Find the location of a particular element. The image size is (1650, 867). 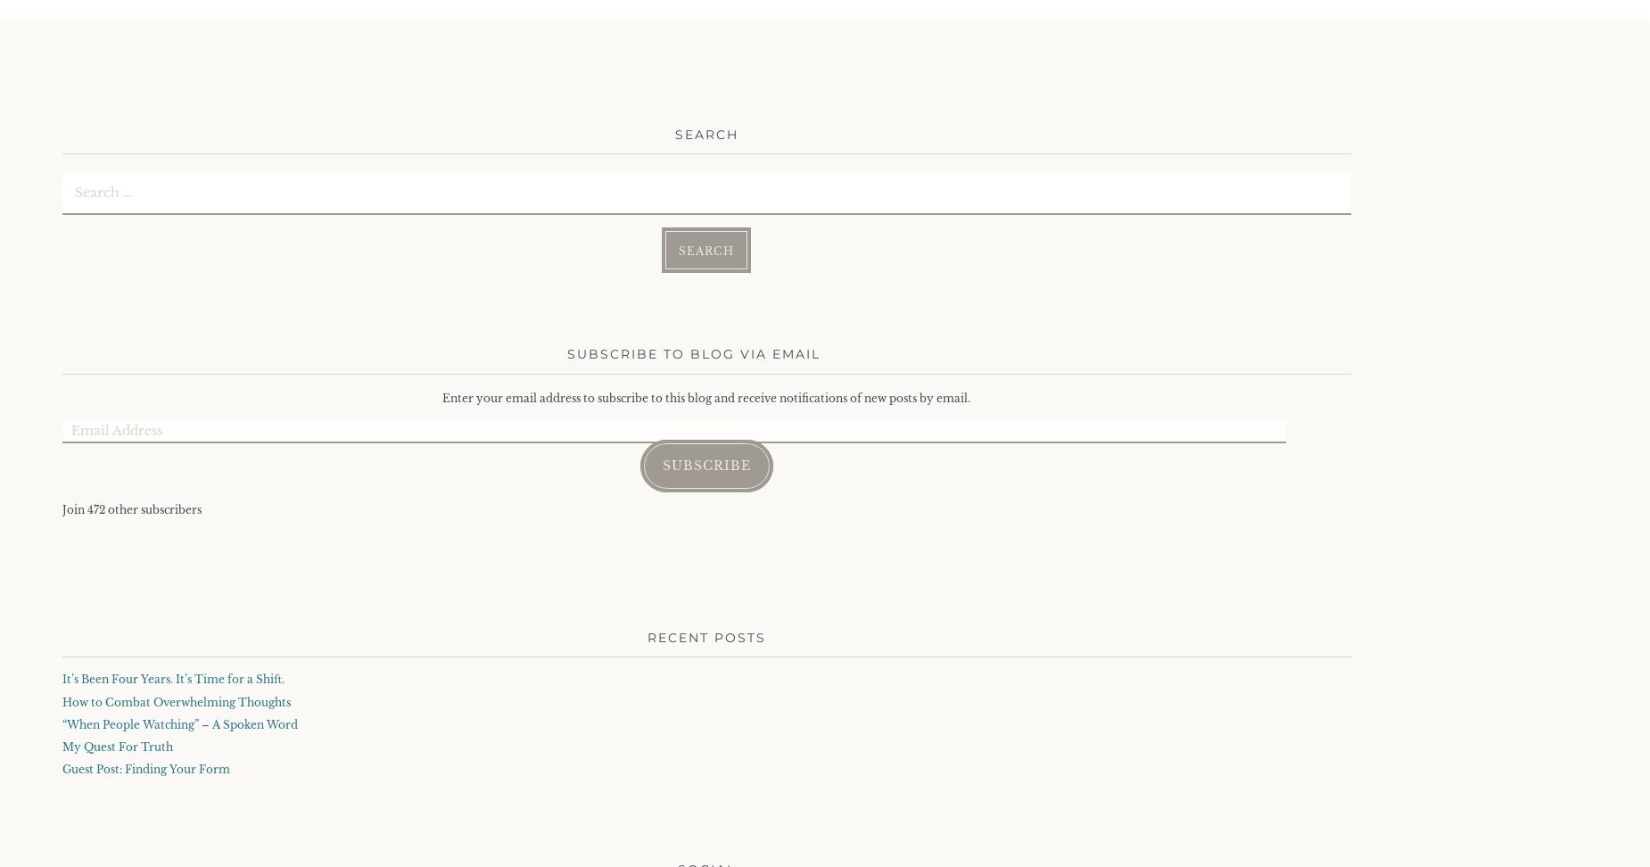

'Subscribe to Blog via Email' is located at coordinates (693, 353).